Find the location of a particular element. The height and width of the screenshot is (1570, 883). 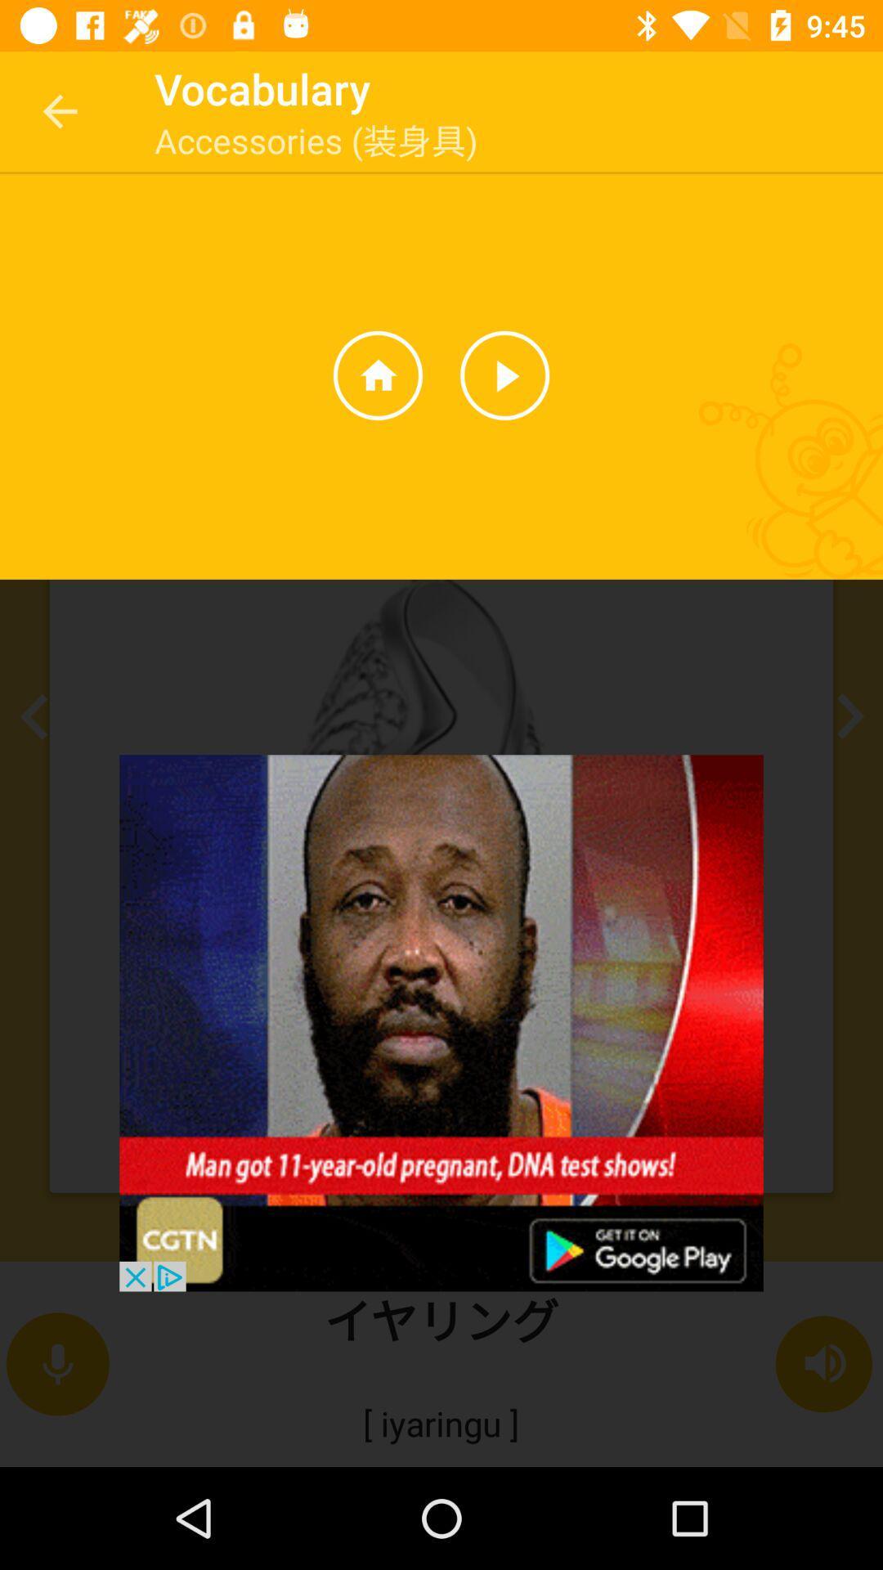

the play icon is located at coordinates (504, 375).